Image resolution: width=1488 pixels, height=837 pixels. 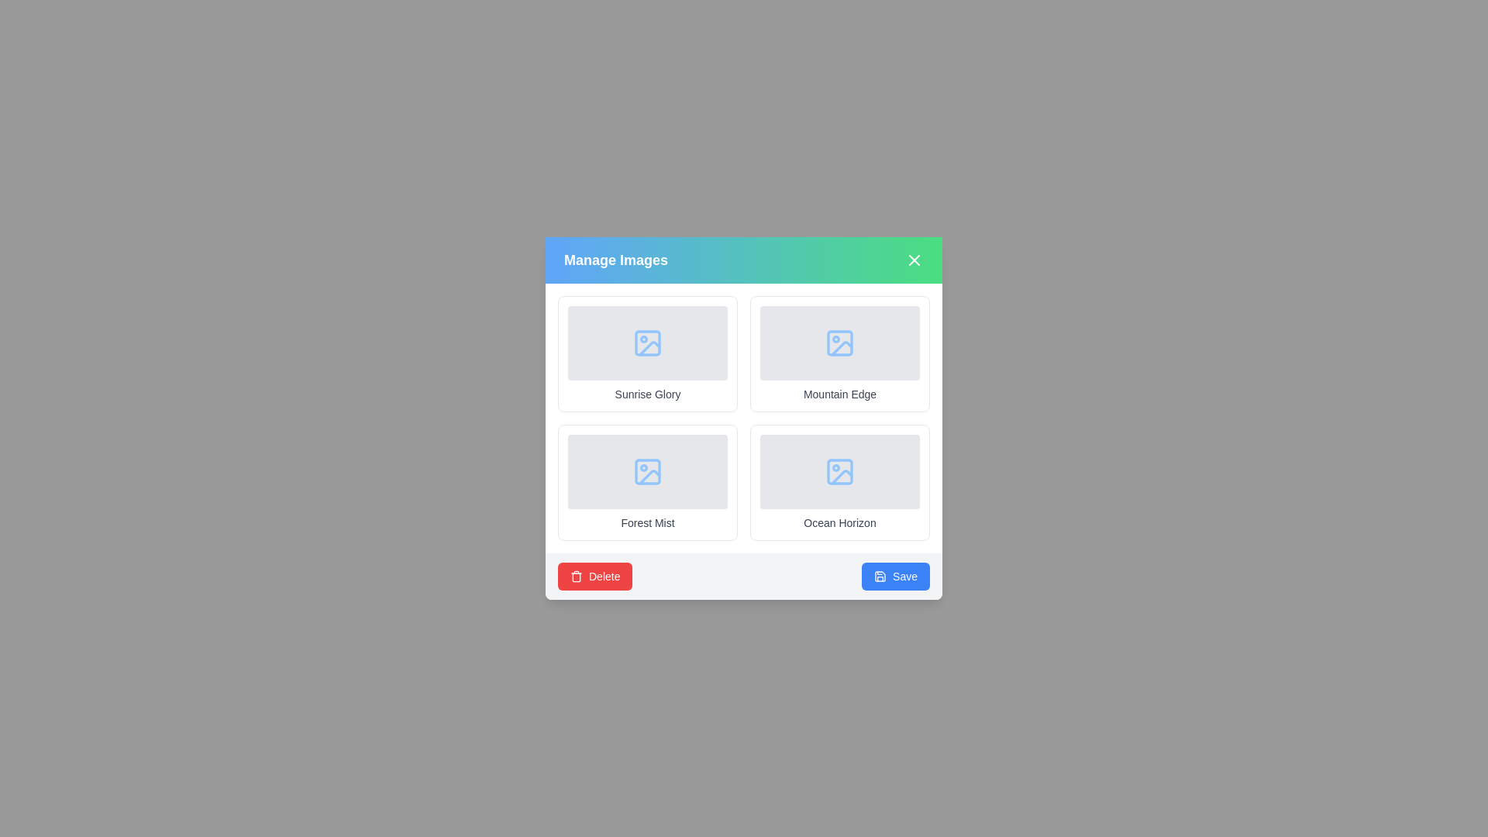 What do you see at coordinates (880, 577) in the screenshot?
I see `the graphical icon element resembling a part of a save icon, which is positioned at the bottom-right corner of the dialog box, just above the 'Save' button` at bounding box center [880, 577].